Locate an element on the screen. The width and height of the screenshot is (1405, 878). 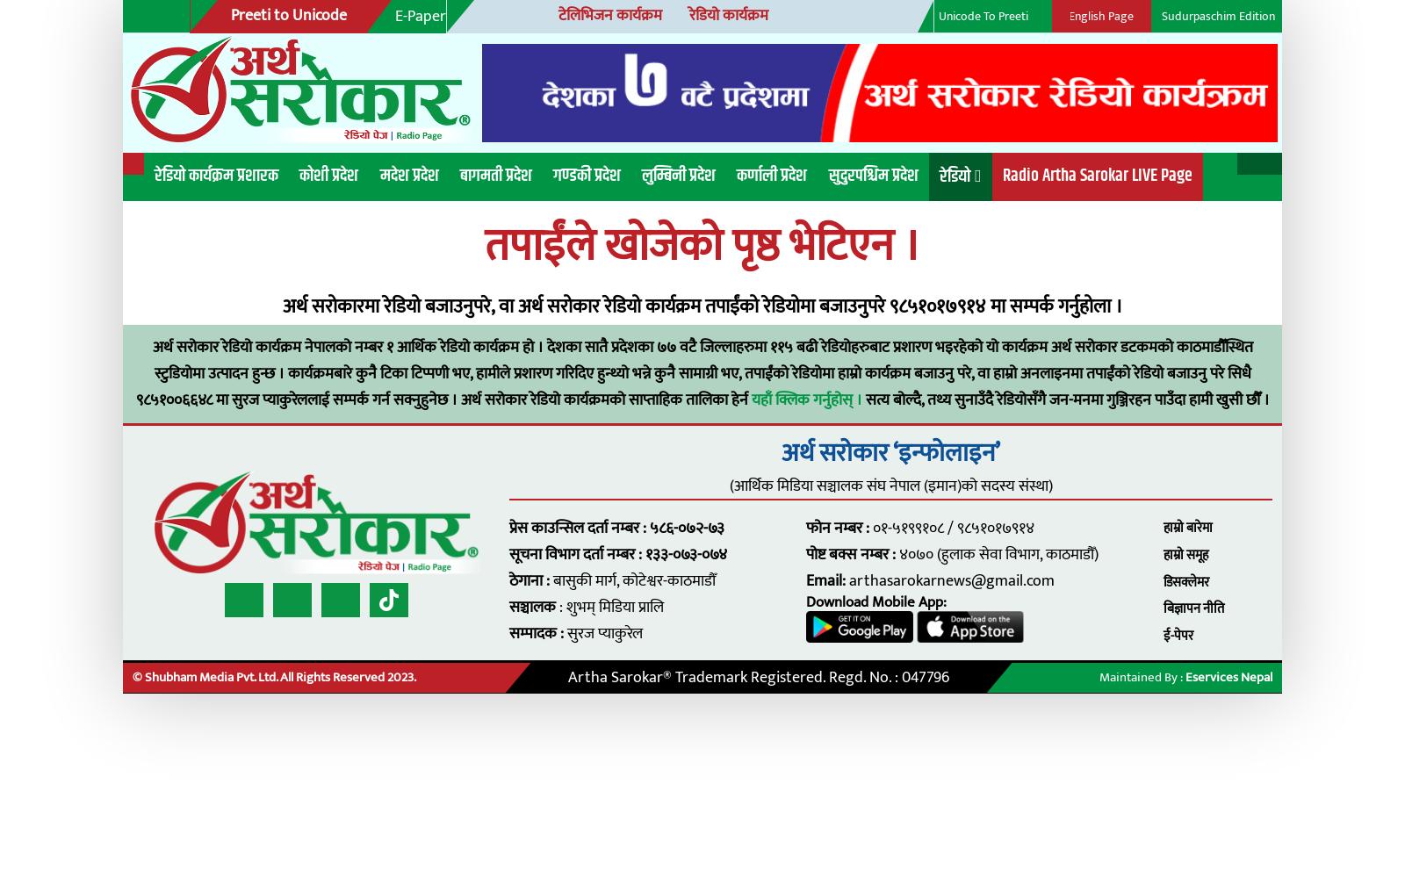
'arthasarokarnews@gmail.com' is located at coordinates (864, 526).